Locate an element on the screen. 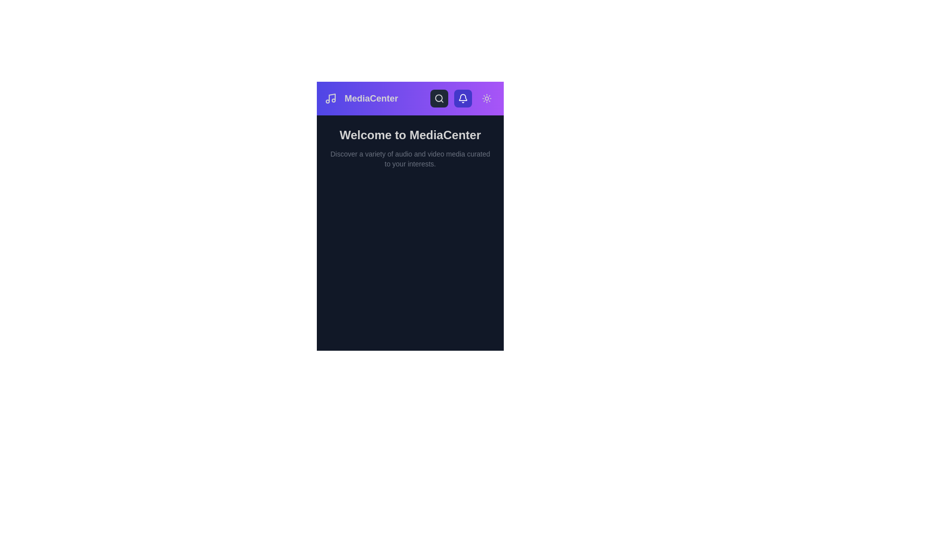 The image size is (952, 535). the notification bell button to view notifications is located at coordinates (463, 99).